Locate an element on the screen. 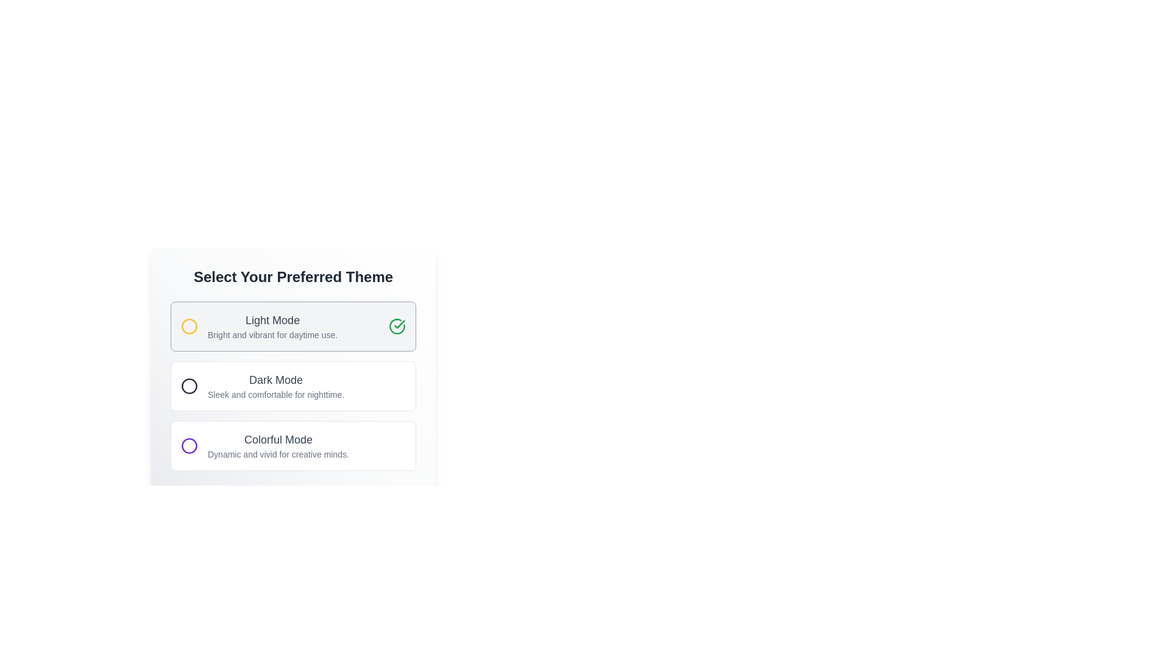 This screenshot has width=1170, height=658. the dark mode icon located to the left of the 'Dark Mode' text in the theme selection card is located at coordinates (189, 386).